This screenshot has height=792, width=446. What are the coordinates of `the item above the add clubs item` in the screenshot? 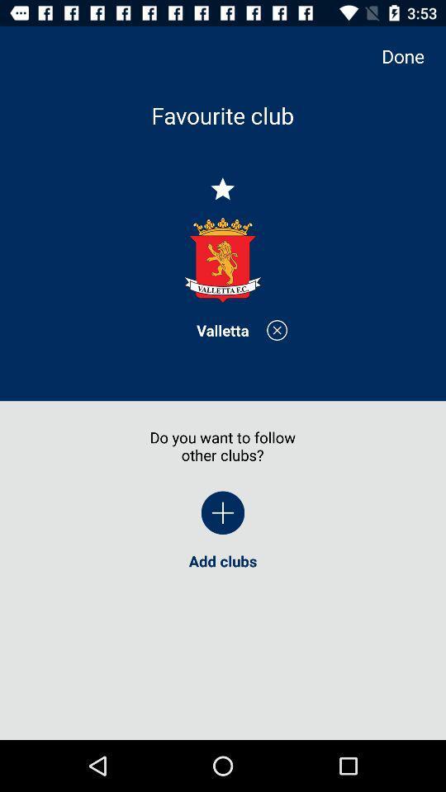 It's located at (223, 511).